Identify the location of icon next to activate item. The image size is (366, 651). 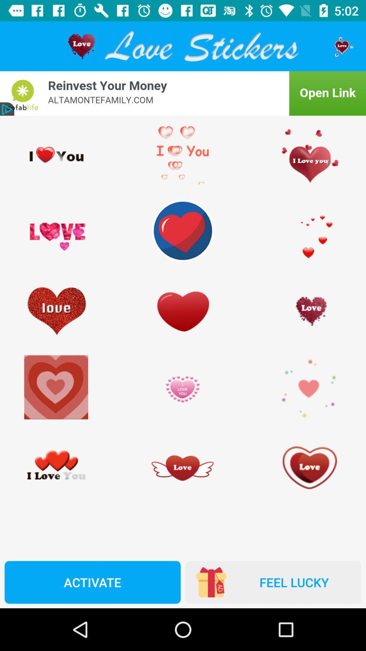
(273, 582).